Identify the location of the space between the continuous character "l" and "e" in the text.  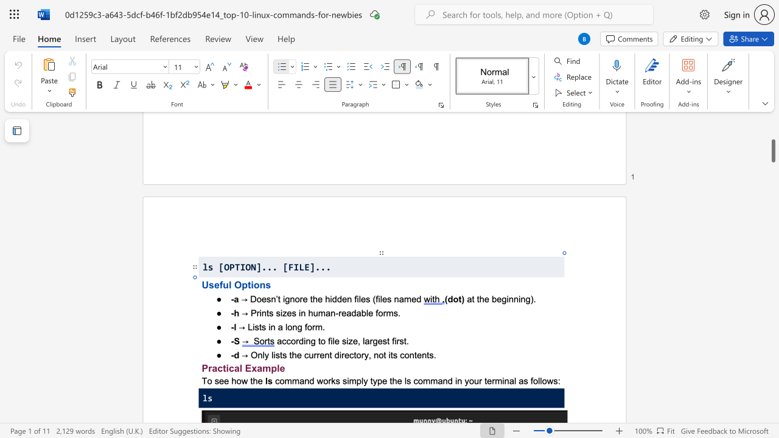
(368, 312).